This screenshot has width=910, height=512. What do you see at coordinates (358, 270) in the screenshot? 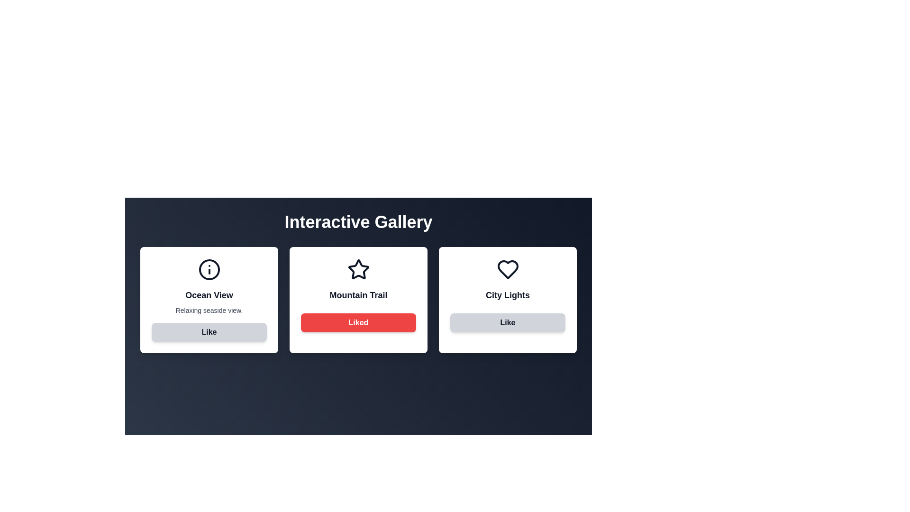
I see `the star-shaped icon outlined with a bold black stroke, which is centrally located within the card displaying the text 'Mountain Trail'` at bounding box center [358, 270].